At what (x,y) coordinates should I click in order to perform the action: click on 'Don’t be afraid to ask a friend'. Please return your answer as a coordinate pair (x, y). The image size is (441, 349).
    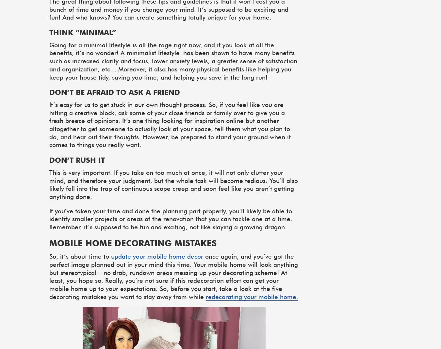
    Looking at the image, I should click on (115, 92).